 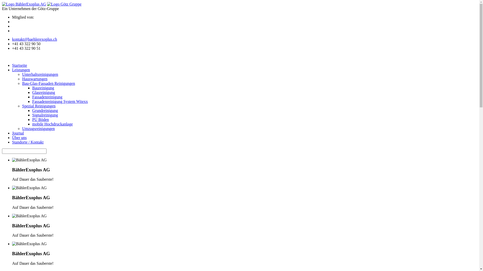 I want to click on 'Standorte / Kontakt', so click(x=27, y=142).